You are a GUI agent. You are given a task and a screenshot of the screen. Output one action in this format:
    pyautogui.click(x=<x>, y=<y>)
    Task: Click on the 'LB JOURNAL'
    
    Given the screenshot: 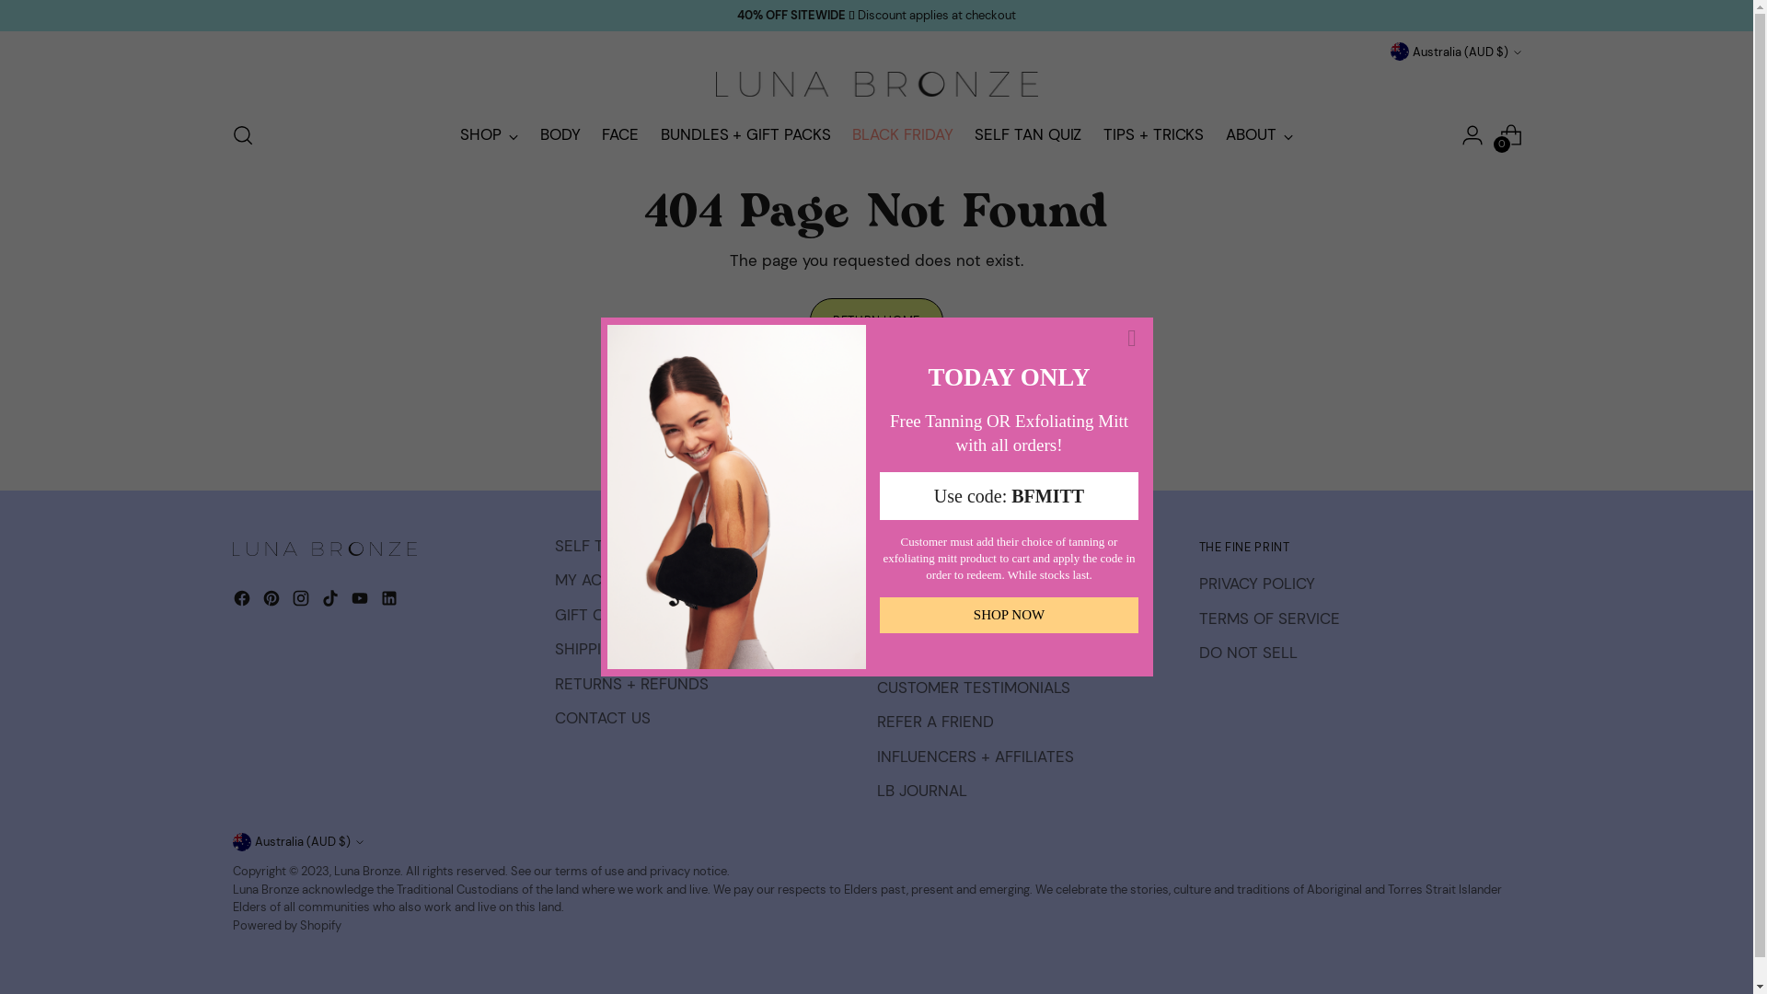 What is the action you would take?
    pyautogui.click(x=921, y=790)
    